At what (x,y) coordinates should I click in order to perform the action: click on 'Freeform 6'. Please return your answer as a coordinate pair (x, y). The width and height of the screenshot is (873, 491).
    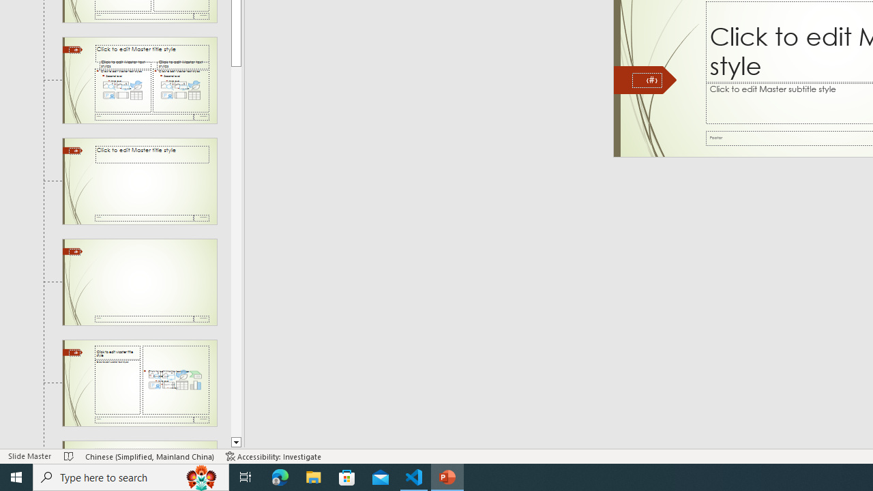
    Looking at the image, I should click on (644, 80).